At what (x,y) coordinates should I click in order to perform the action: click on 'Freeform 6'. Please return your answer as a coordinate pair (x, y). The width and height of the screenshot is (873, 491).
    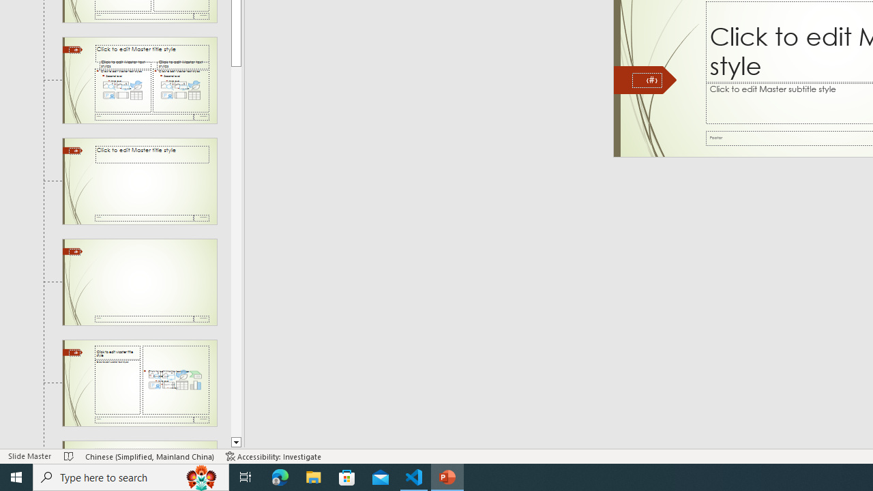
    Looking at the image, I should click on (644, 80).